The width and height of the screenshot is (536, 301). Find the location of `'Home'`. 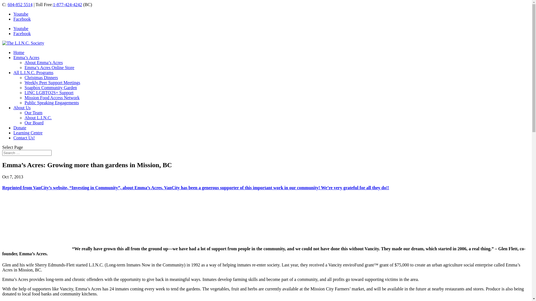

'Home' is located at coordinates (19, 52).